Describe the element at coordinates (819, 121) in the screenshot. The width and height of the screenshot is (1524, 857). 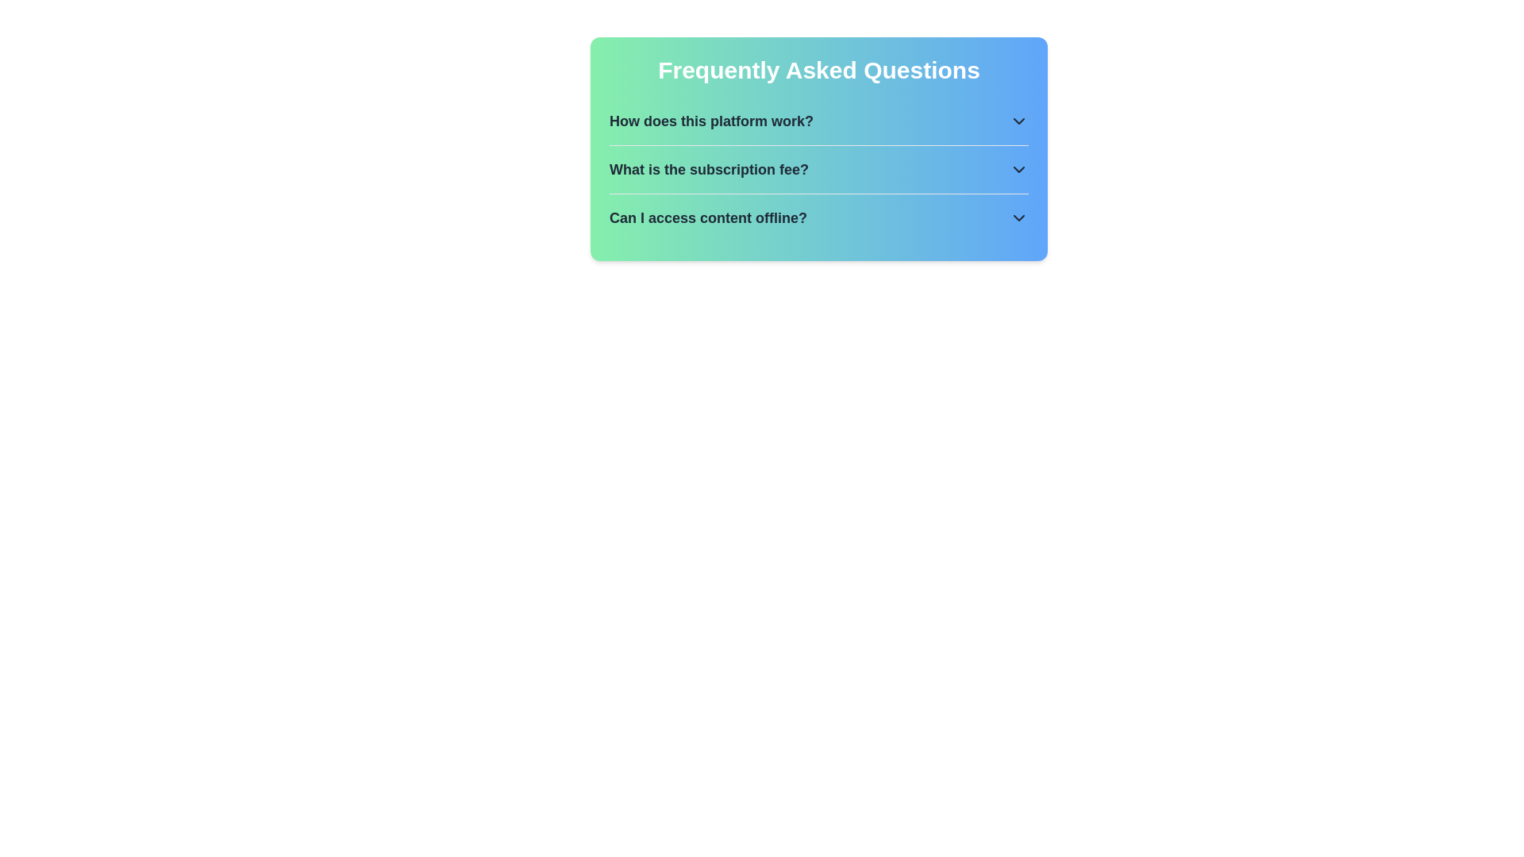
I see `the 'How does this platform work?' dropdown toggle button to observe styling changes` at that location.